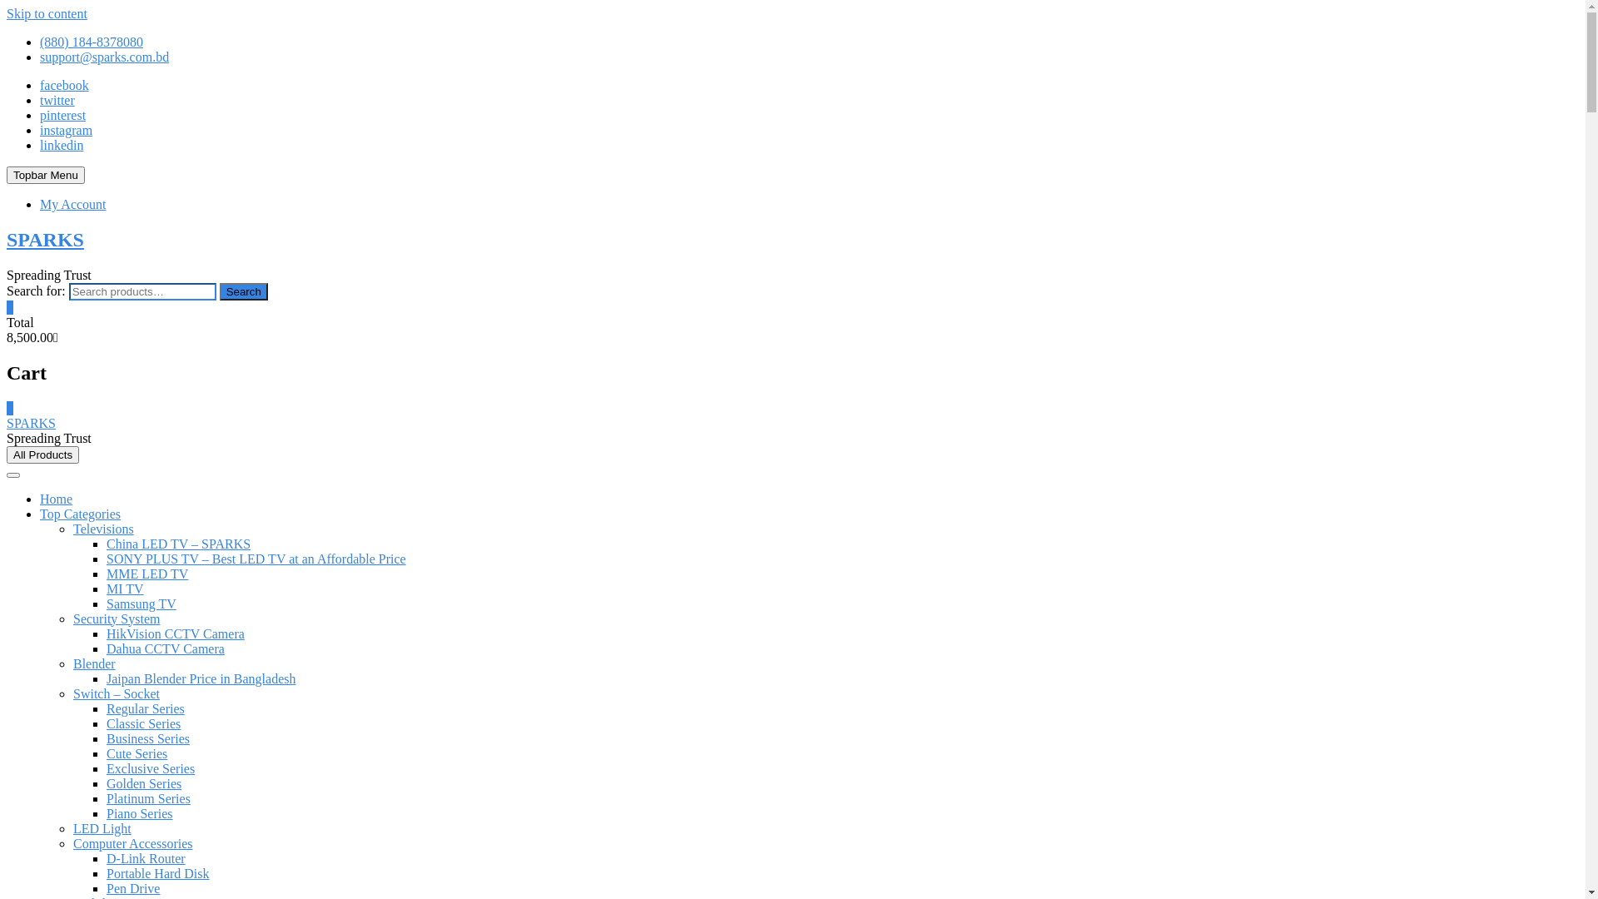 The height and width of the screenshot is (899, 1598). I want to click on 'My Account', so click(72, 203).